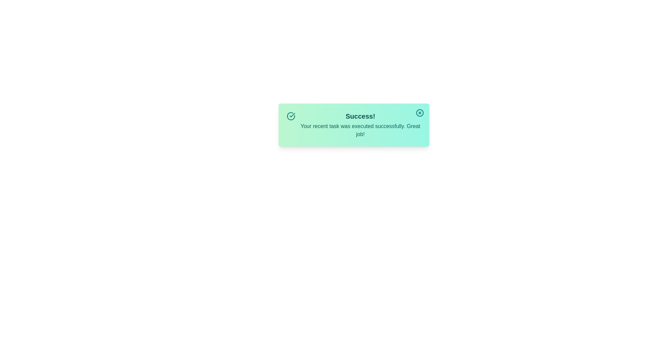  Describe the element at coordinates (291, 116) in the screenshot. I see `the success icon to interact with it visually` at that location.